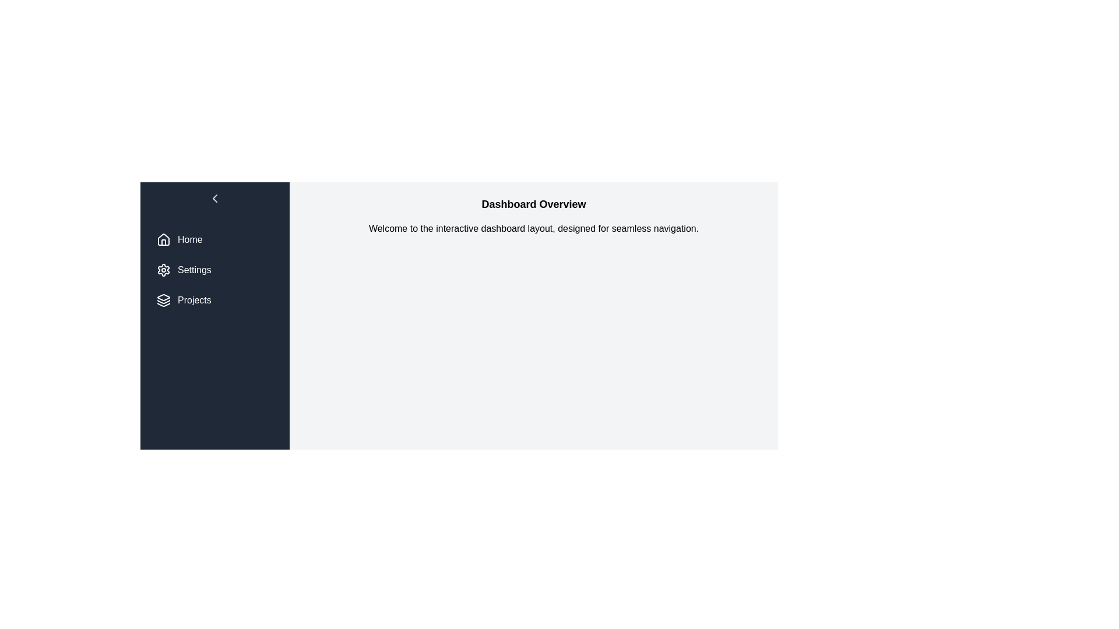 This screenshot has width=1119, height=629. What do you see at coordinates (194, 300) in the screenshot?
I see `the third text label in the sidebar navigation menu, which is aligned with an icon of layered elements` at bounding box center [194, 300].